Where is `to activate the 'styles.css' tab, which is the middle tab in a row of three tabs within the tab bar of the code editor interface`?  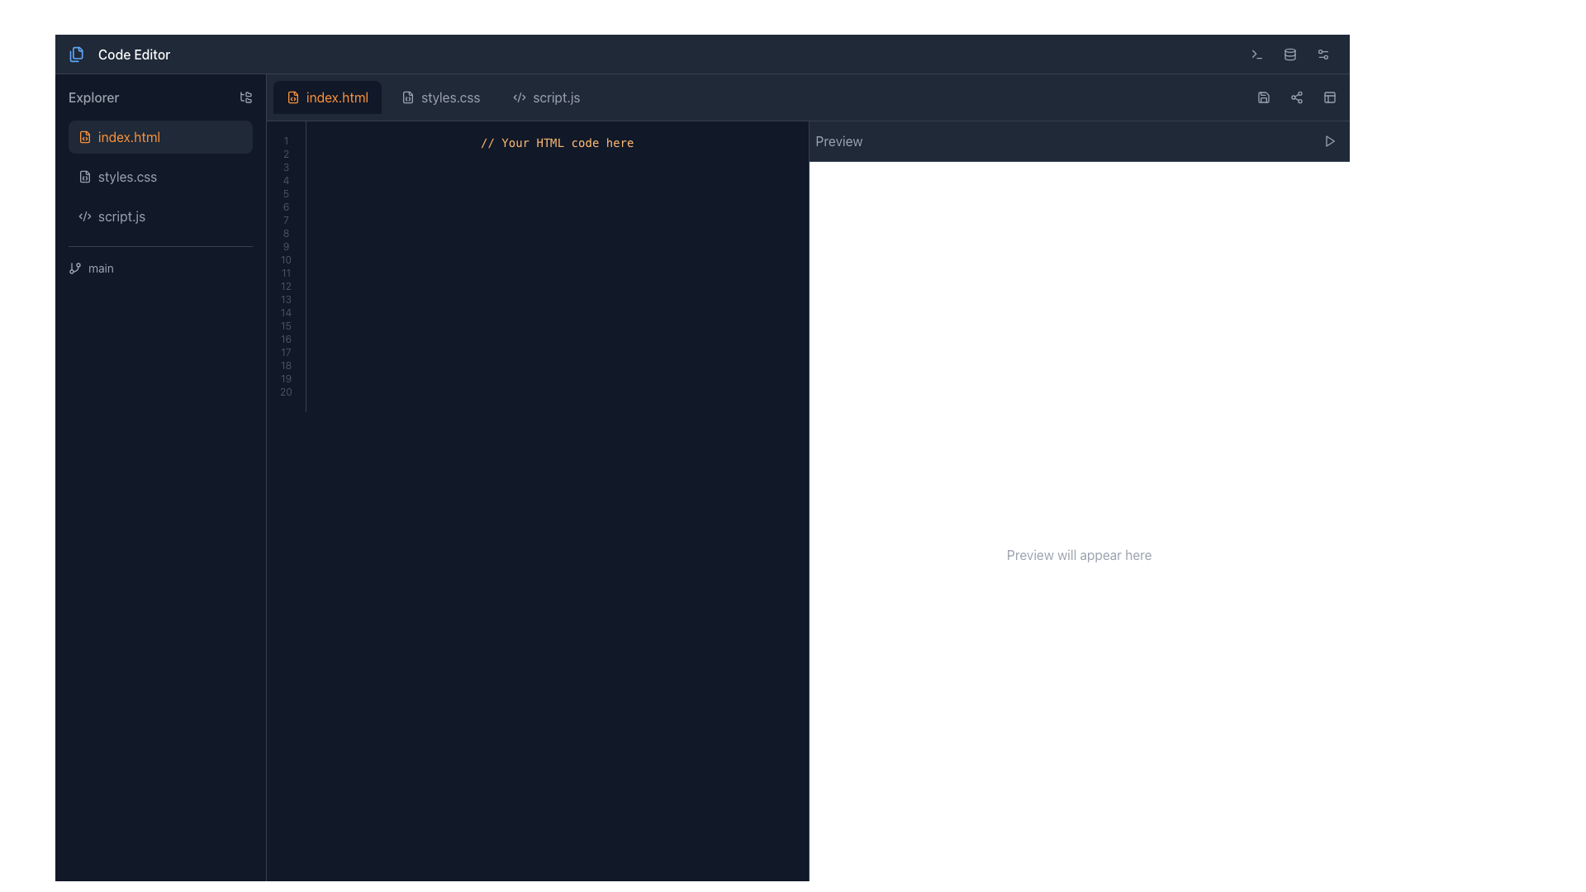 to activate the 'styles.css' tab, which is the middle tab in a row of three tabs within the tab bar of the code editor interface is located at coordinates (433, 97).